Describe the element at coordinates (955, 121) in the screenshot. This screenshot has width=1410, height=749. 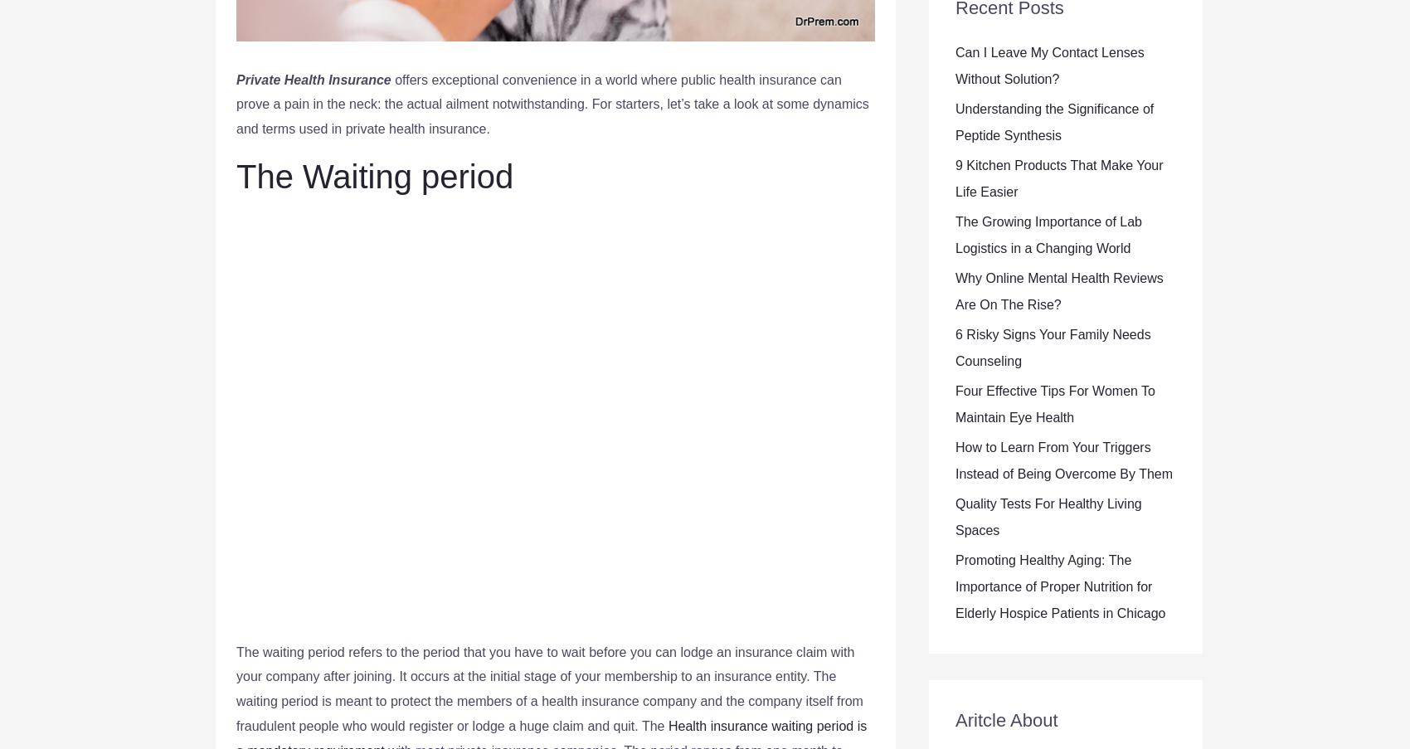
I see `'Understanding the Significance of Peptide Synthesis'` at that location.